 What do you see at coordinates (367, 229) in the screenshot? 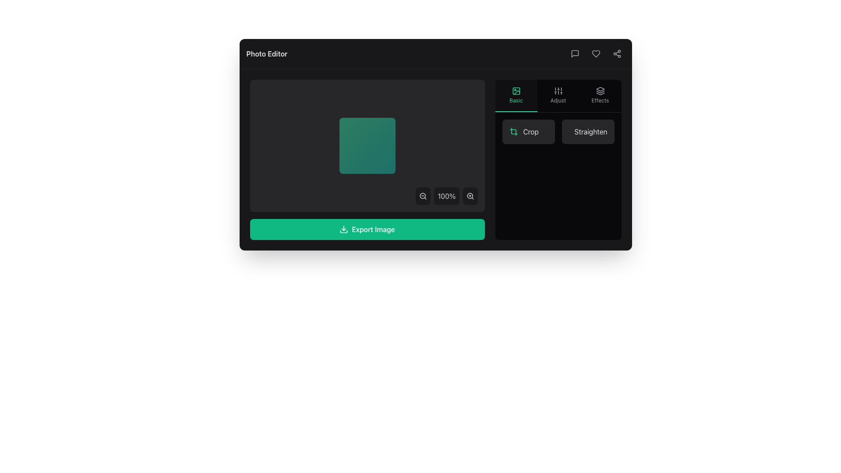
I see `the prominent export button located at the bottom section of the application interface` at bounding box center [367, 229].